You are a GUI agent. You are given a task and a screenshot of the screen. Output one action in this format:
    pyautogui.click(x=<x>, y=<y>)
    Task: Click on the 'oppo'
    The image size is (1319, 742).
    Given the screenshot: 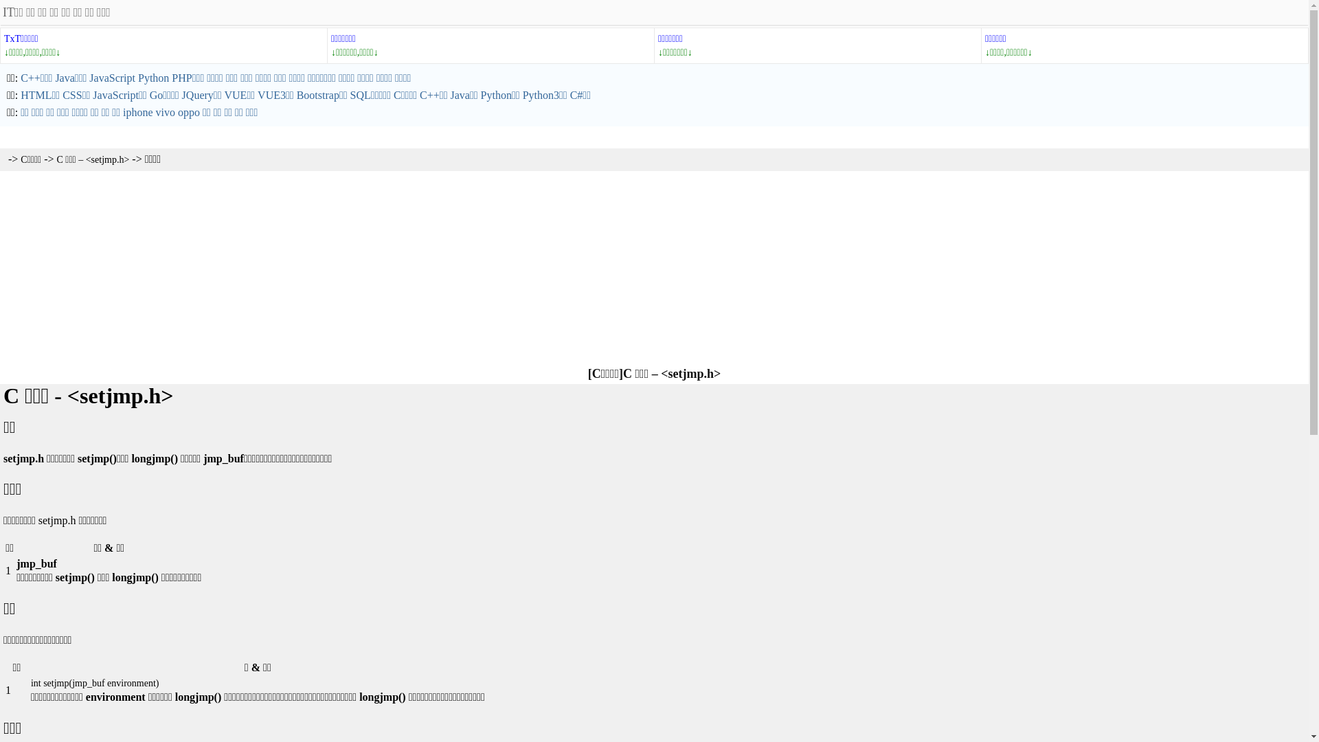 What is the action you would take?
    pyautogui.click(x=188, y=111)
    